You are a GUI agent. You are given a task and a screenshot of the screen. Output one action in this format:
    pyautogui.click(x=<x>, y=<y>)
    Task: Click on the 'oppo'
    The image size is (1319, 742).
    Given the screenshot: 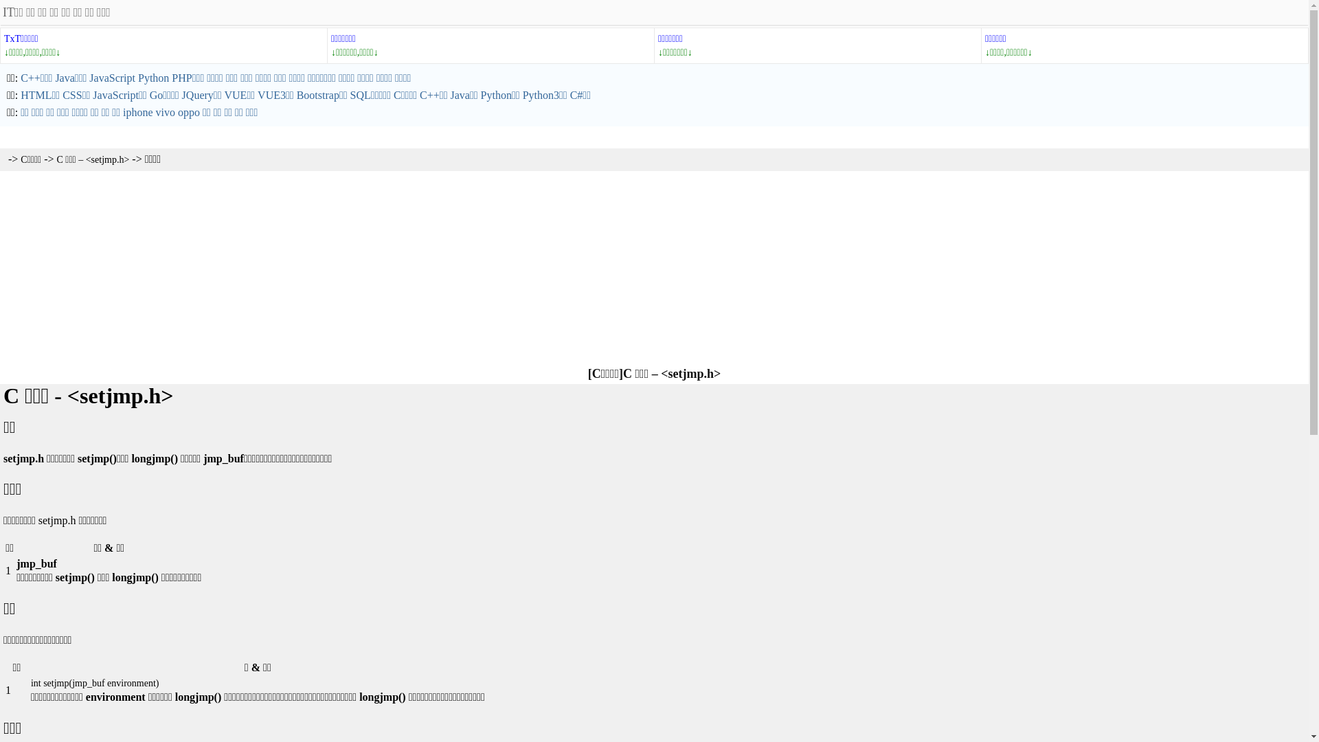 What is the action you would take?
    pyautogui.click(x=188, y=111)
    